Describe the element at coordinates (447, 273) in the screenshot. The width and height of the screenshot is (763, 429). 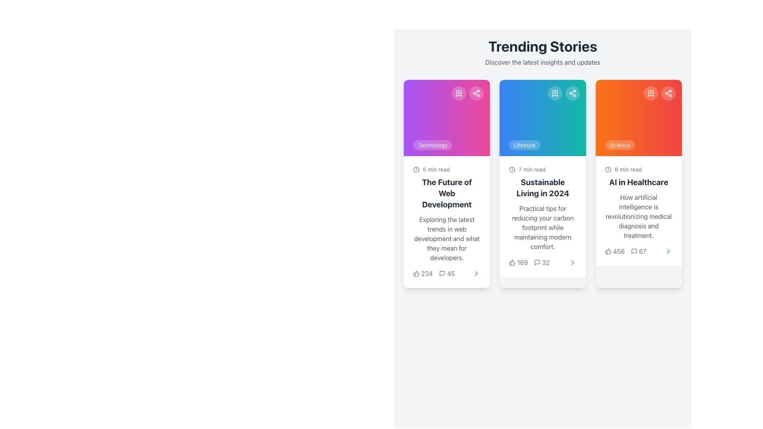
I see `the text label displaying '45' with a chat bubble icon, located at the bottom right of the first card in the 'Trending Stories' section` at that location.